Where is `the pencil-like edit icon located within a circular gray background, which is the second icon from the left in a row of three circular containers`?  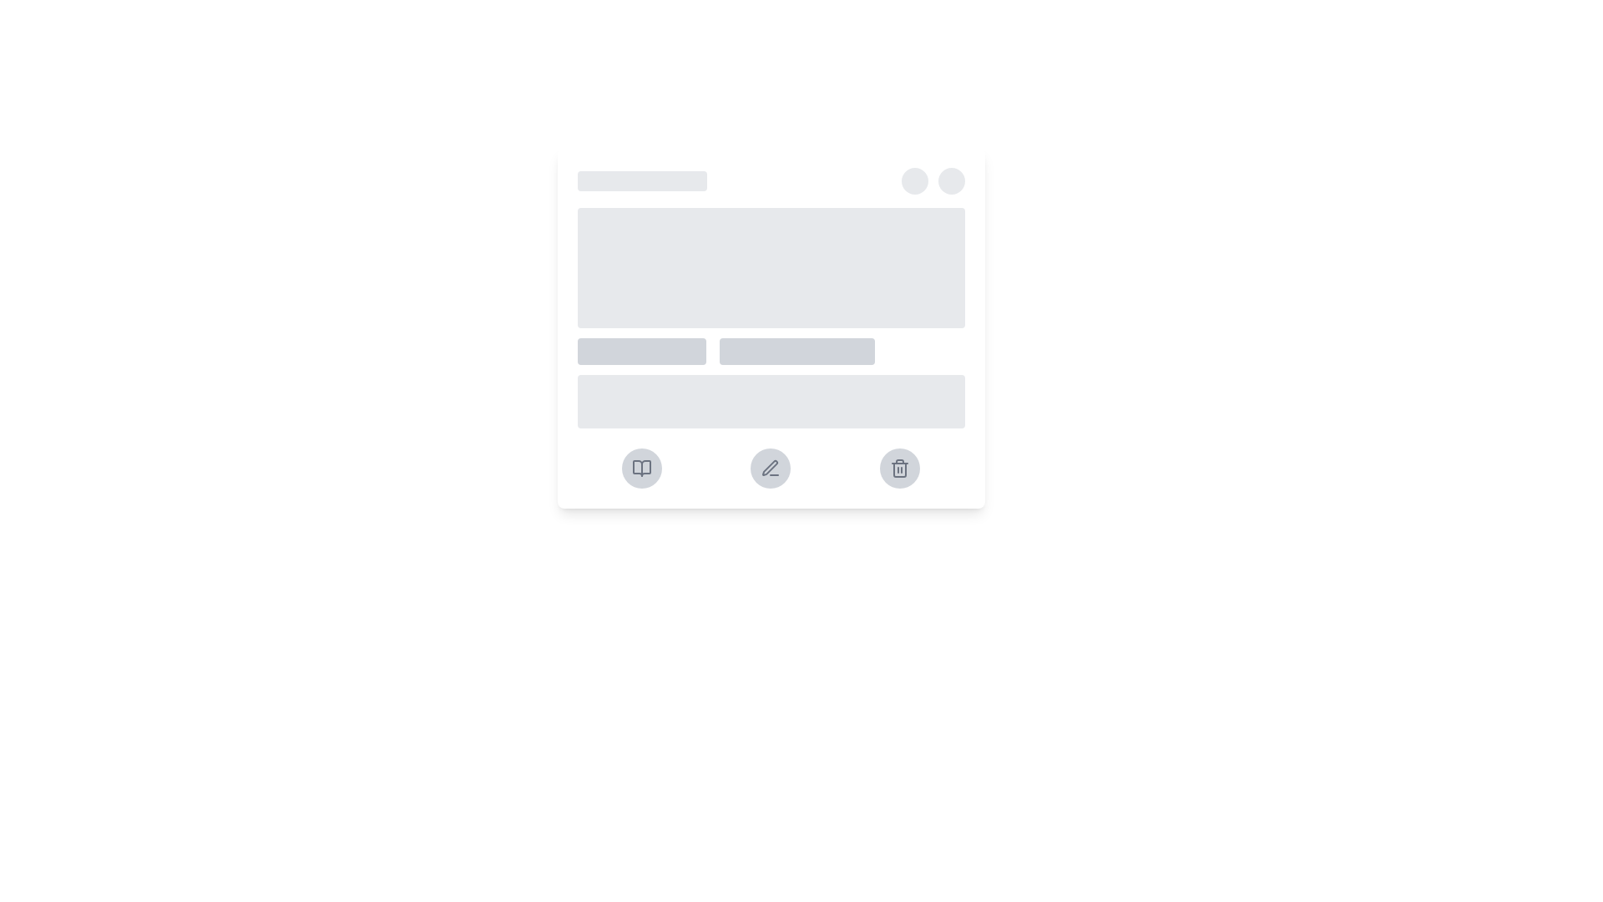
the pencil-like edit icon located within a circular gray background, which is the second icon from the left in a row of three circular containers is located at coordinates (770, 468).